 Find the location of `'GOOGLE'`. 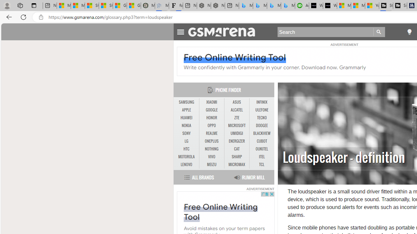

'GOOGLE' is located at coordinates (212, 110).